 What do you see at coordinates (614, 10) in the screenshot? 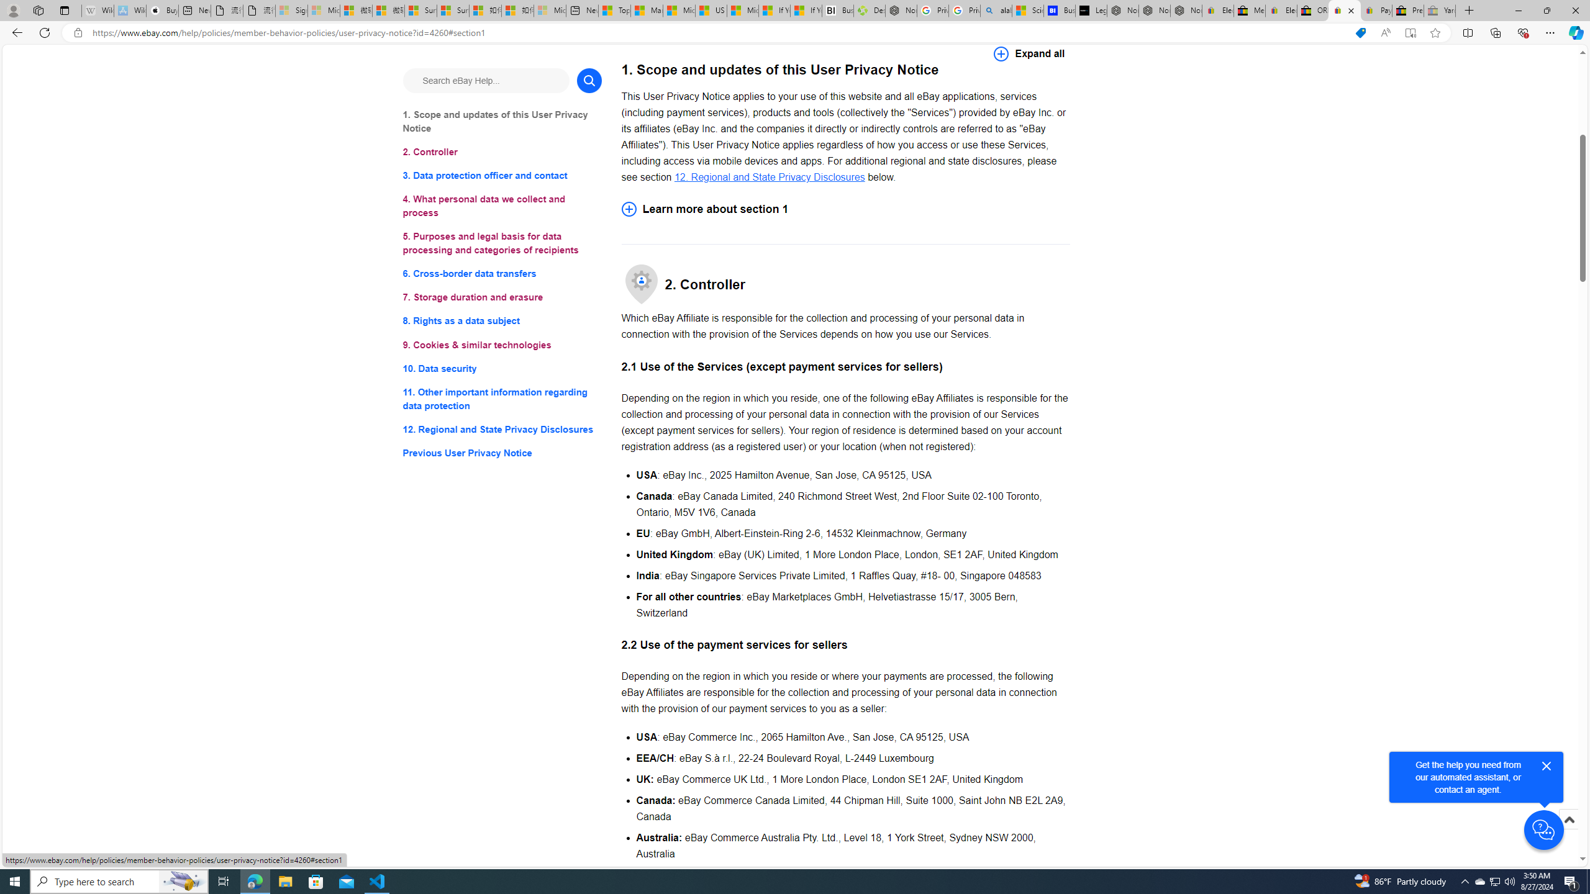
I see `'Top Stories - MSN'` at bounding box center [614, 10].